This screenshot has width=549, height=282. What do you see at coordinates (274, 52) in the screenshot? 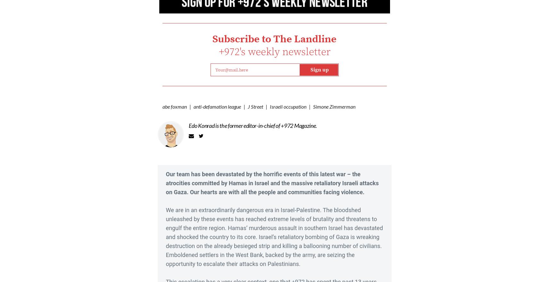
I see `'+972's weekly newsletter'` at bounding box center [274, 52].